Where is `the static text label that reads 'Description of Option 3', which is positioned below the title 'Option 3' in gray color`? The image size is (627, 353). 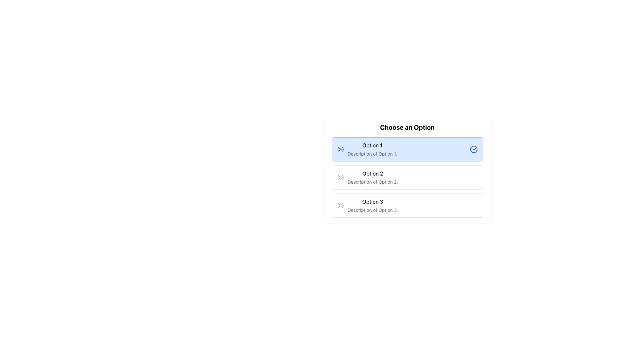 the static text label that reads 'Description of Option 3', which is positioned below the title 'Option 3' in gray color is located at coordinates (373, 210).